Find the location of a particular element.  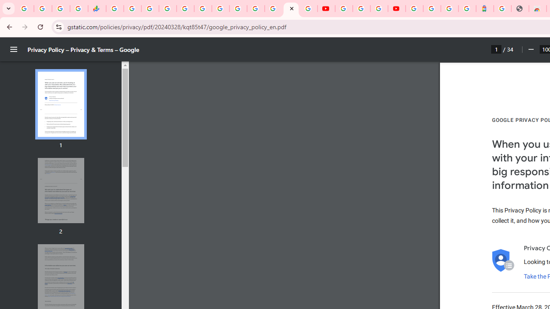

'Google Account Help' is located at coordinates (361, 9).